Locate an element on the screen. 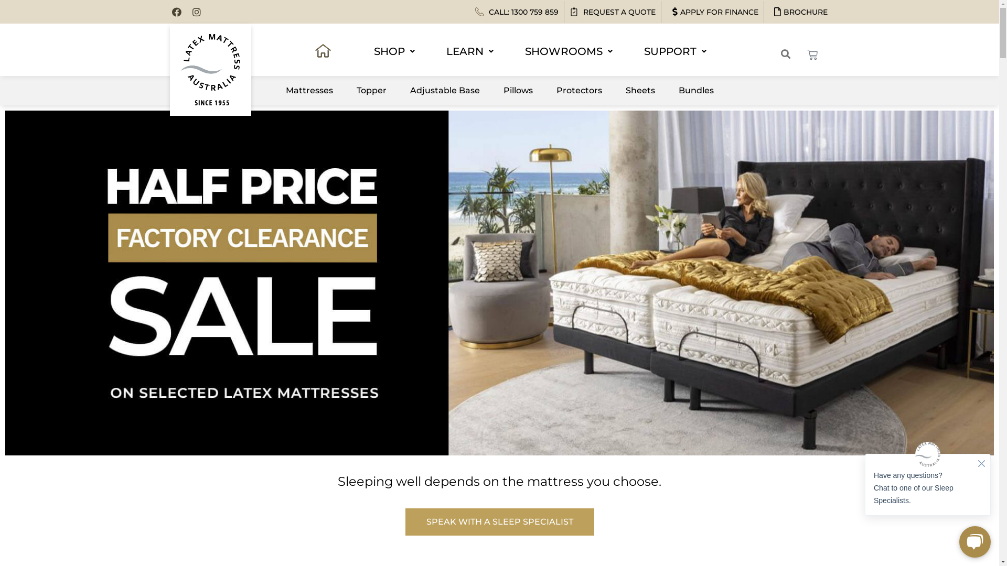  'Bundles' is located at coordinates (695, 90).